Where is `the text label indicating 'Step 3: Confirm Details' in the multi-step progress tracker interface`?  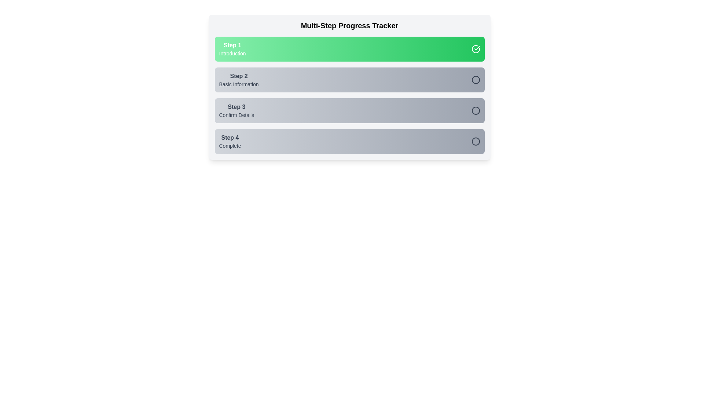
the text label indicating 'Step 3: Confirm Details' in the multi-step progress tracker interface is located at coordinates (236, 110).